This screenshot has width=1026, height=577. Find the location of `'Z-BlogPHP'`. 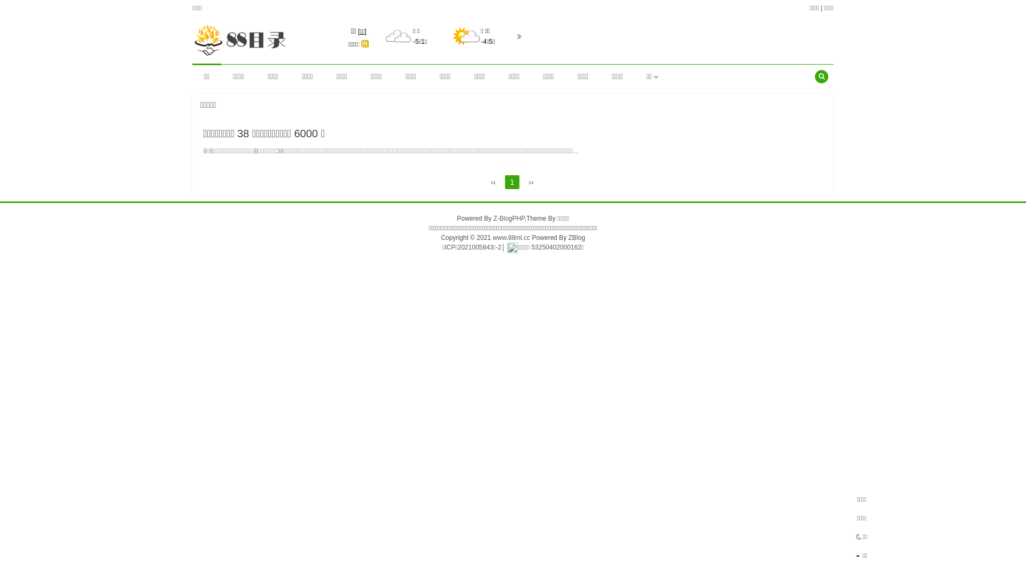

'Z-BlogPHP' is located at coordinates (508, 217).